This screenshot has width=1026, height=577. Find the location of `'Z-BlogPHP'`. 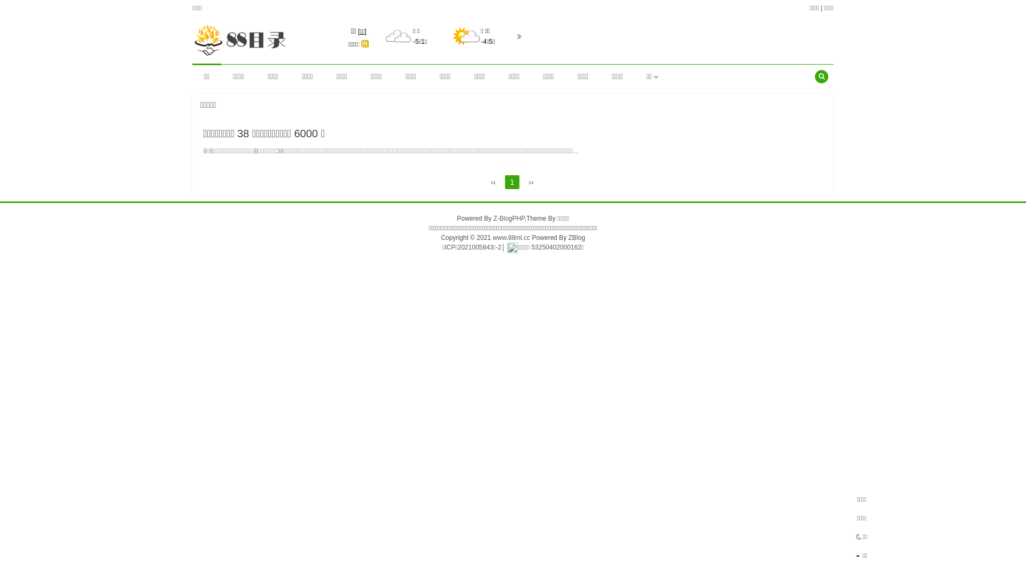

'Z-BlogPHP' is located at coordinates (508, 217).